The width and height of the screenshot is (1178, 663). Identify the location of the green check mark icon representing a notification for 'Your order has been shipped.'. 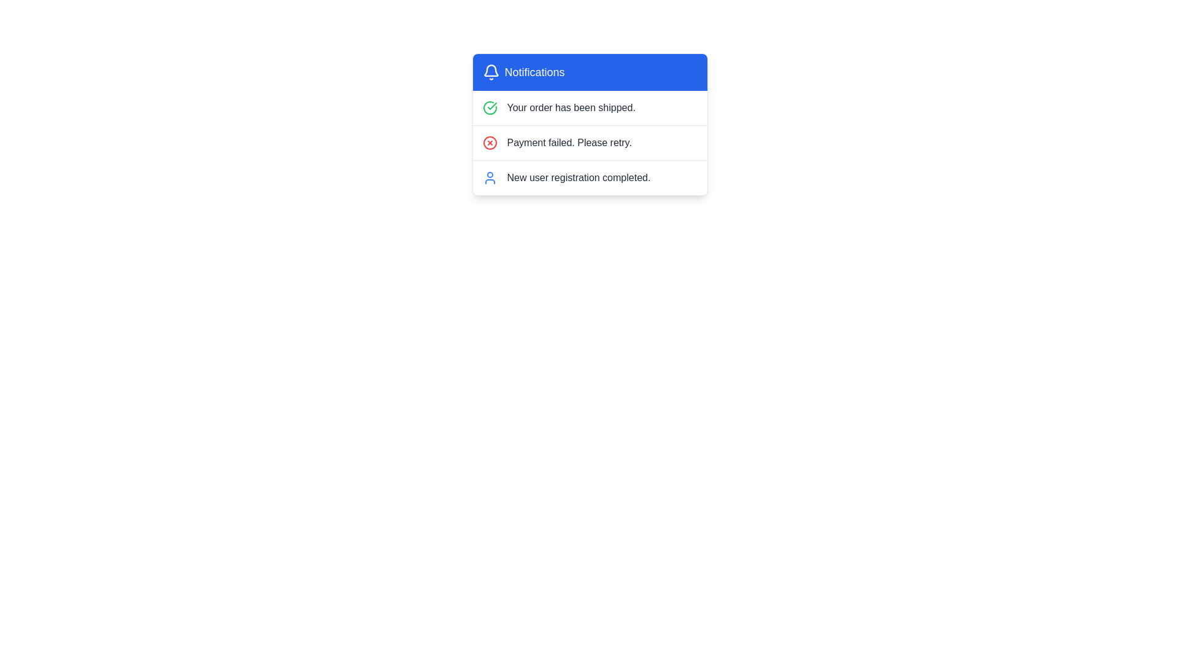
(491, 106).